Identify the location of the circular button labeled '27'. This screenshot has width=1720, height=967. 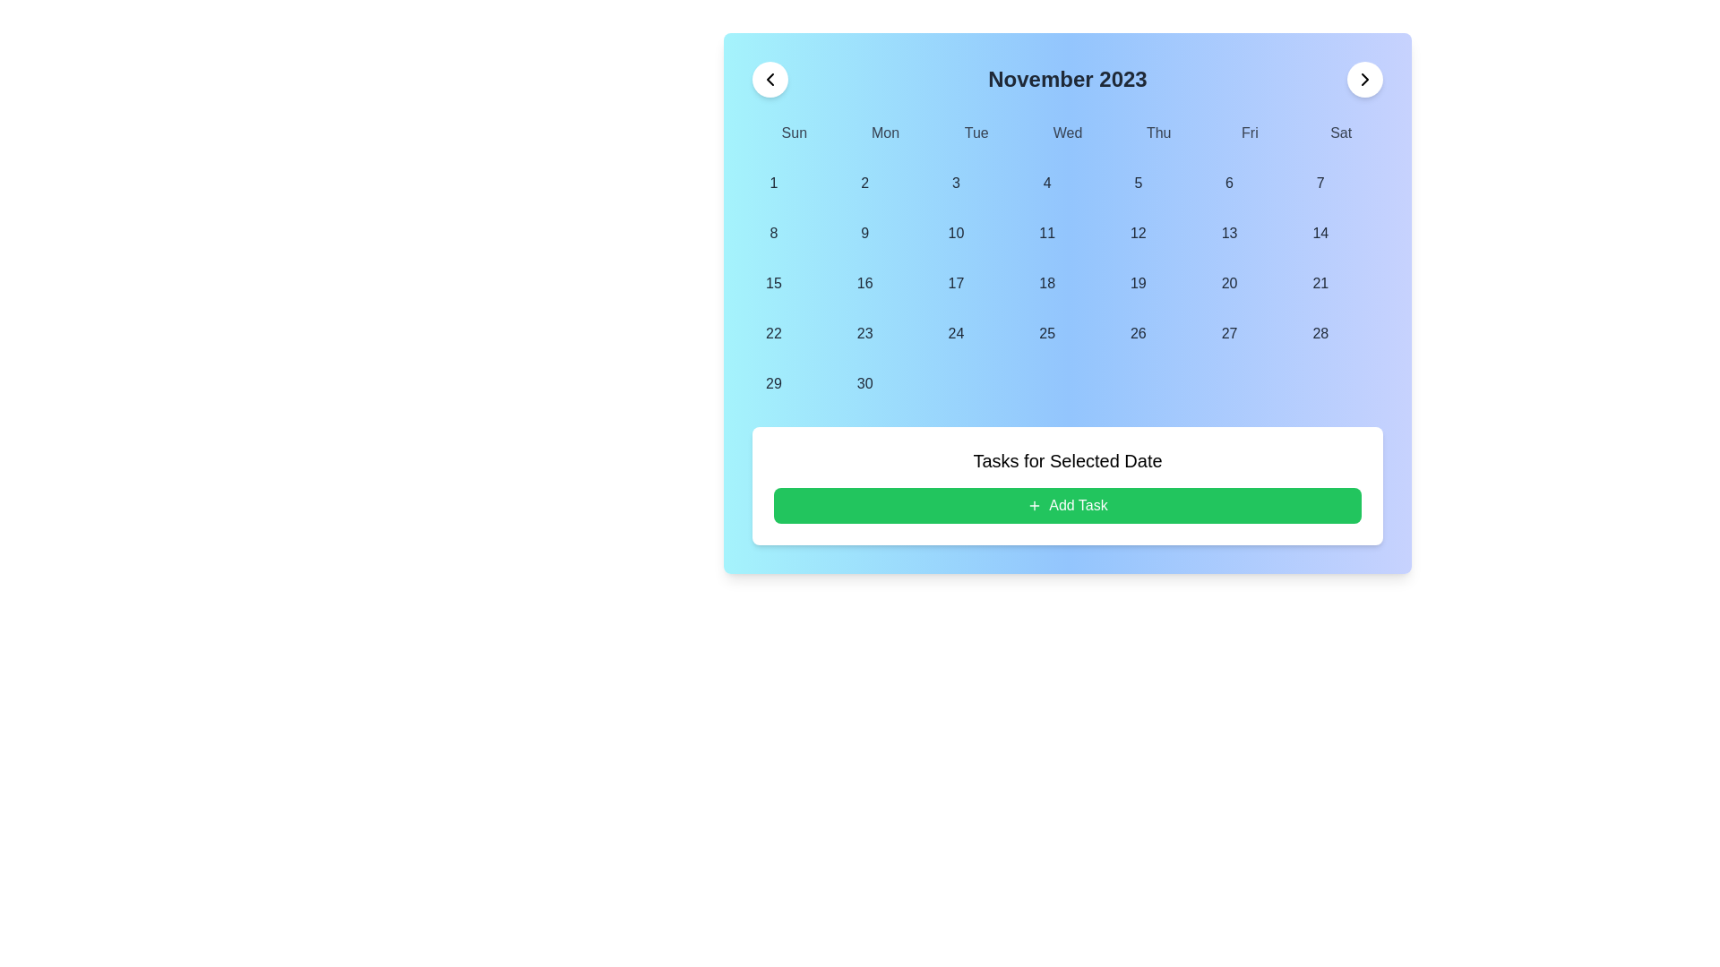
(1228, 334).